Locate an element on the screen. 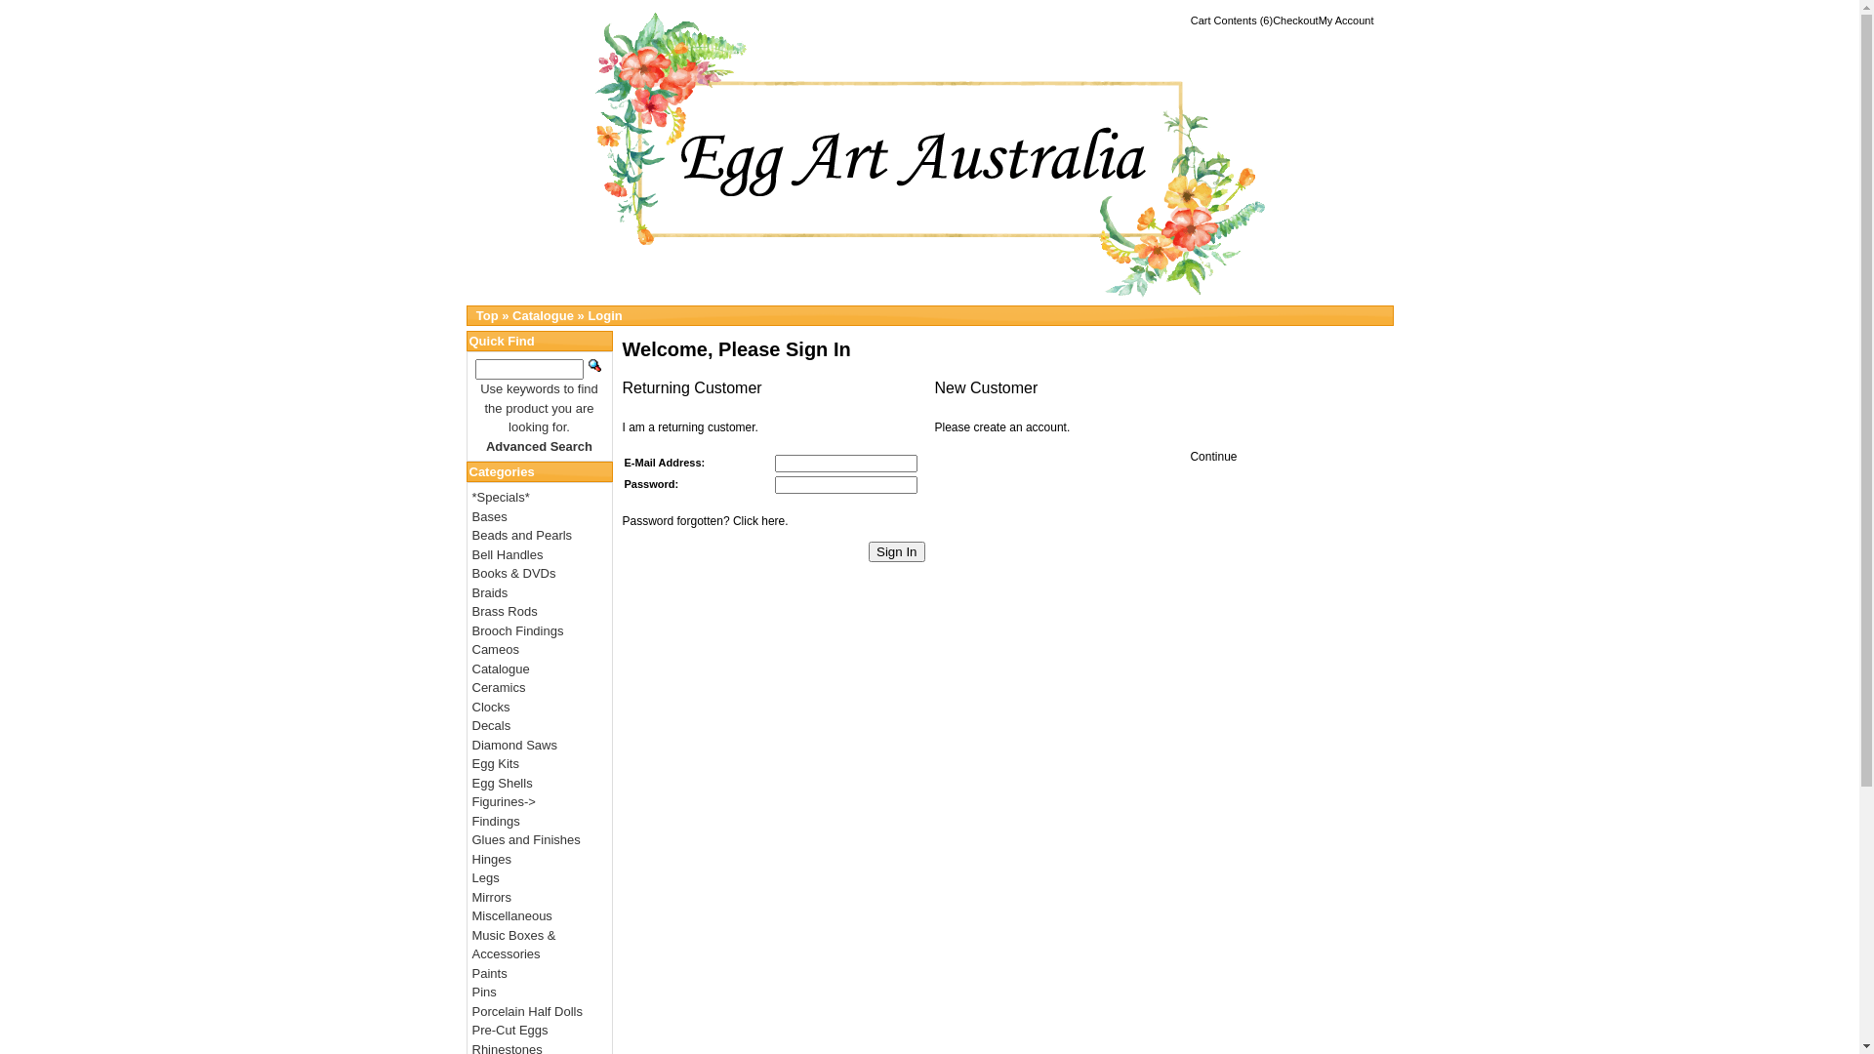 Image resolution: width=1874 pixels, height=1054 pixels. 'Catalogue' is located at coordinates (543, 314).